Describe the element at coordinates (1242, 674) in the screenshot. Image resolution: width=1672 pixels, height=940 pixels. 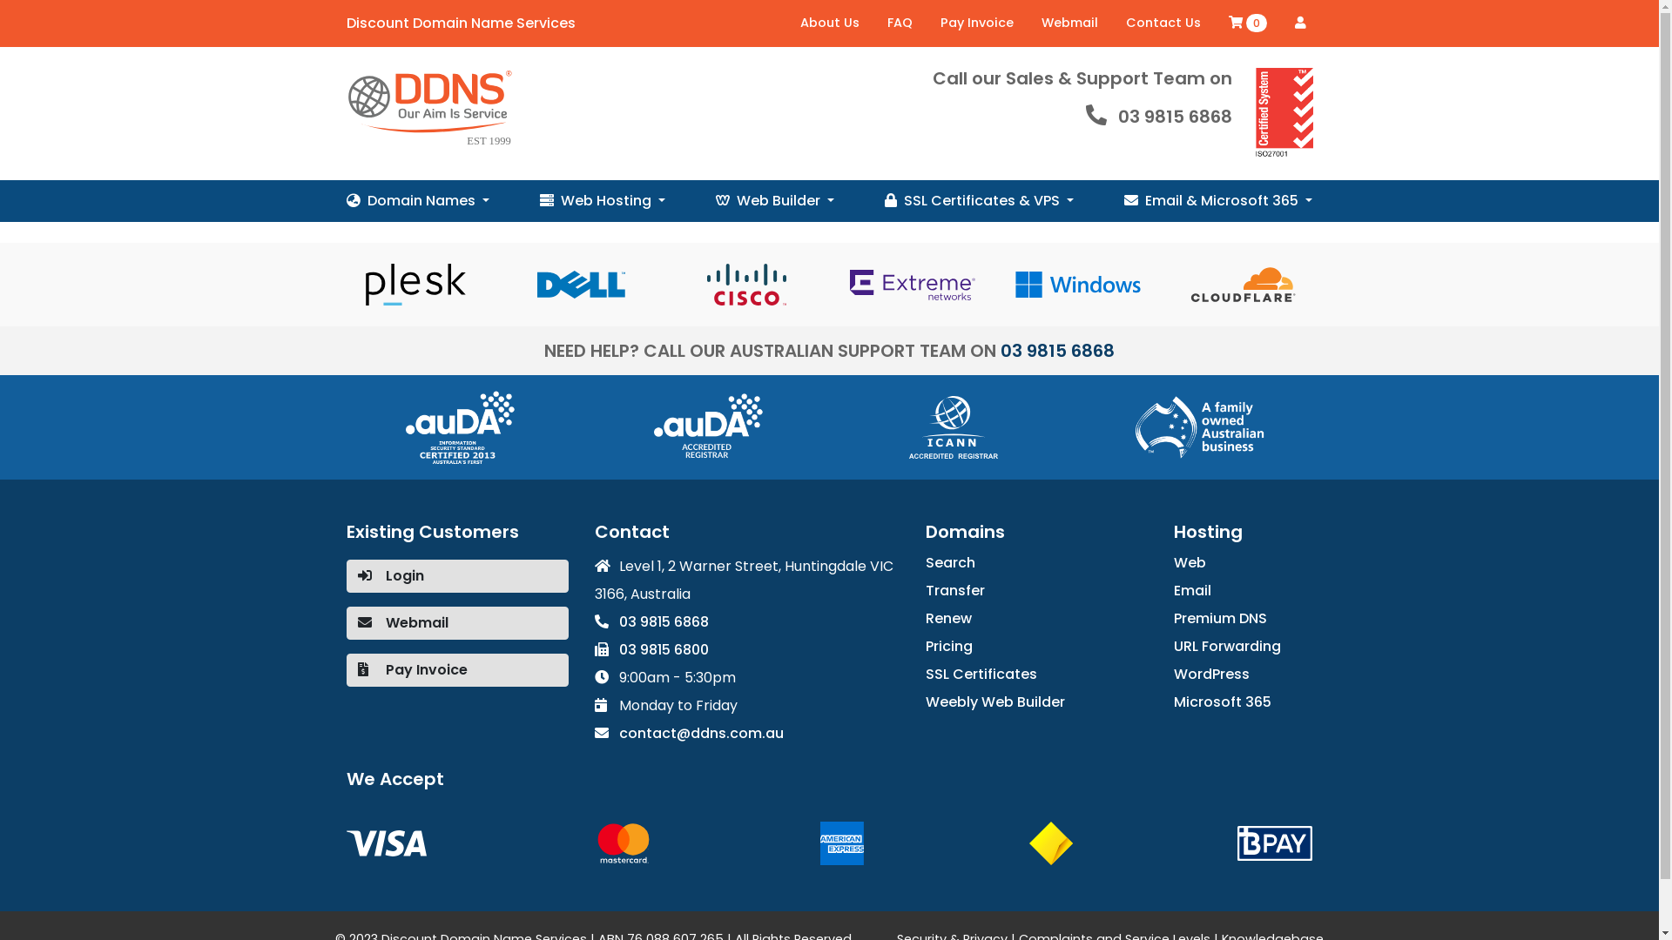
I see `'WordPress'` at that location.